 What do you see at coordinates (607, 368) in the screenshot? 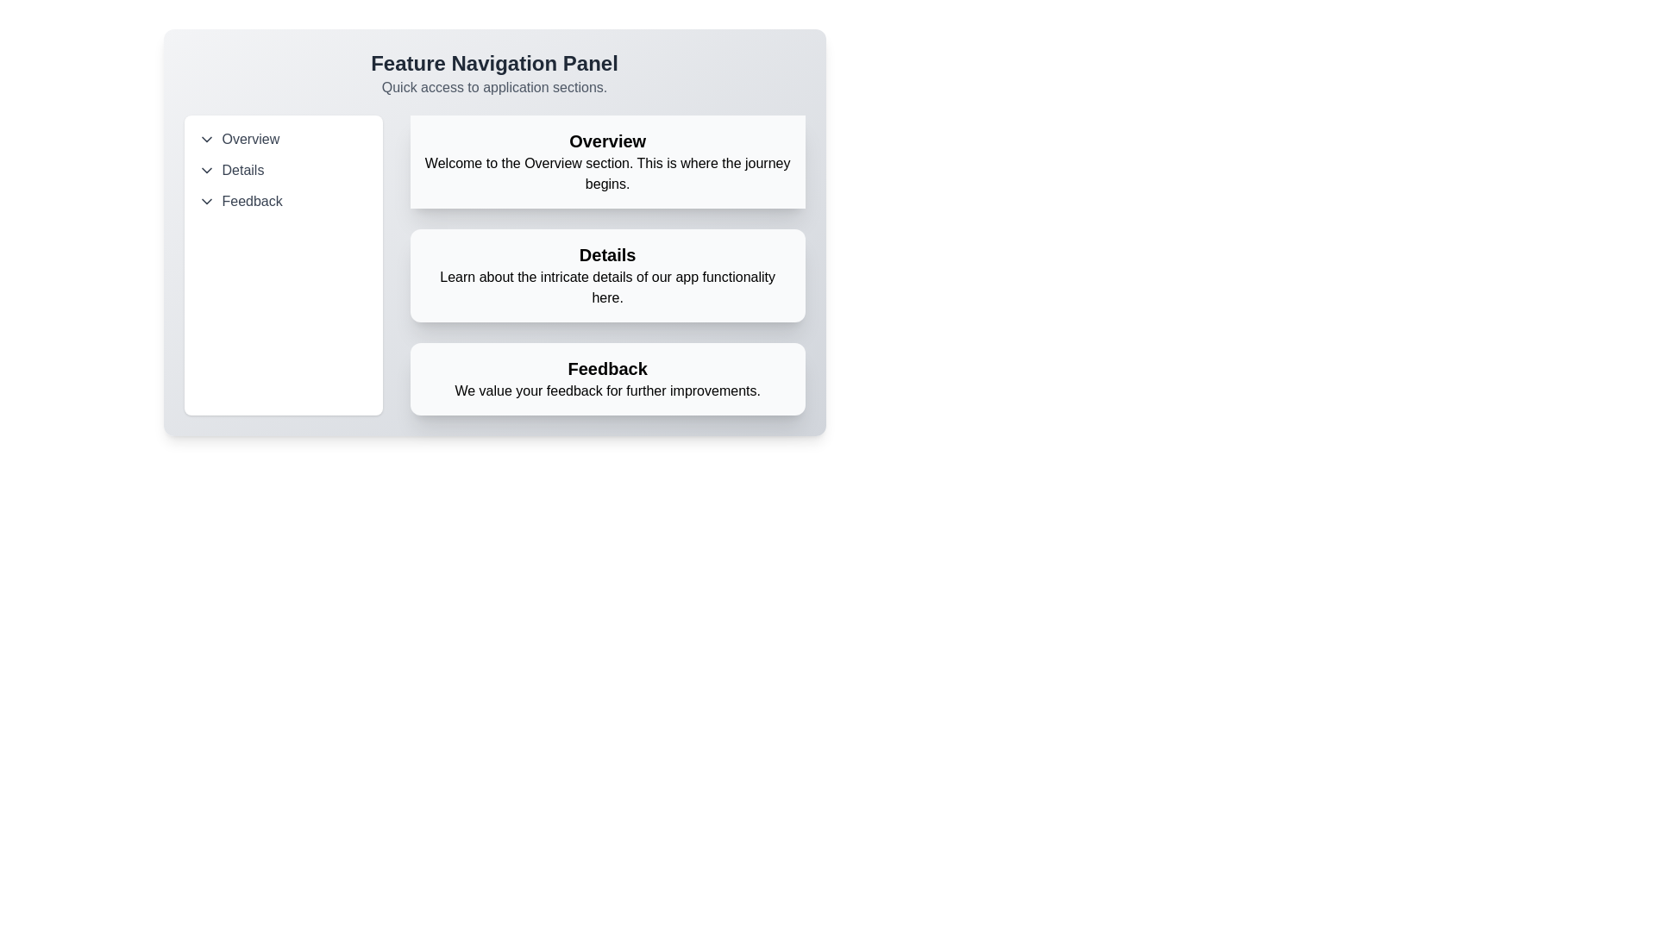
I see `the Text label that serves as the title for the feedback section, located at the top of the 'Feedback' card-like section in the bottom right of the main interface` at bounding box center [607, 368].